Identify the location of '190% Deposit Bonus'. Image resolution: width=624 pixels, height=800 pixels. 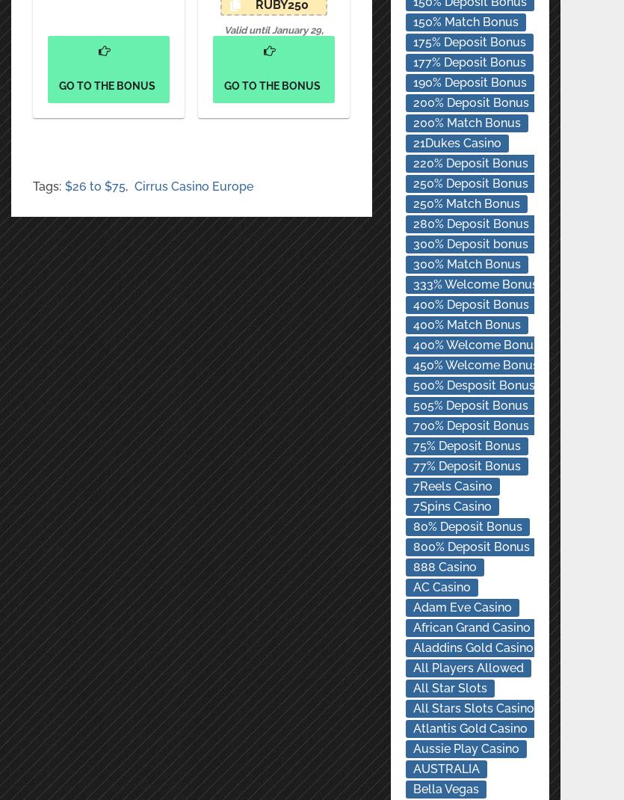
(469, 82).